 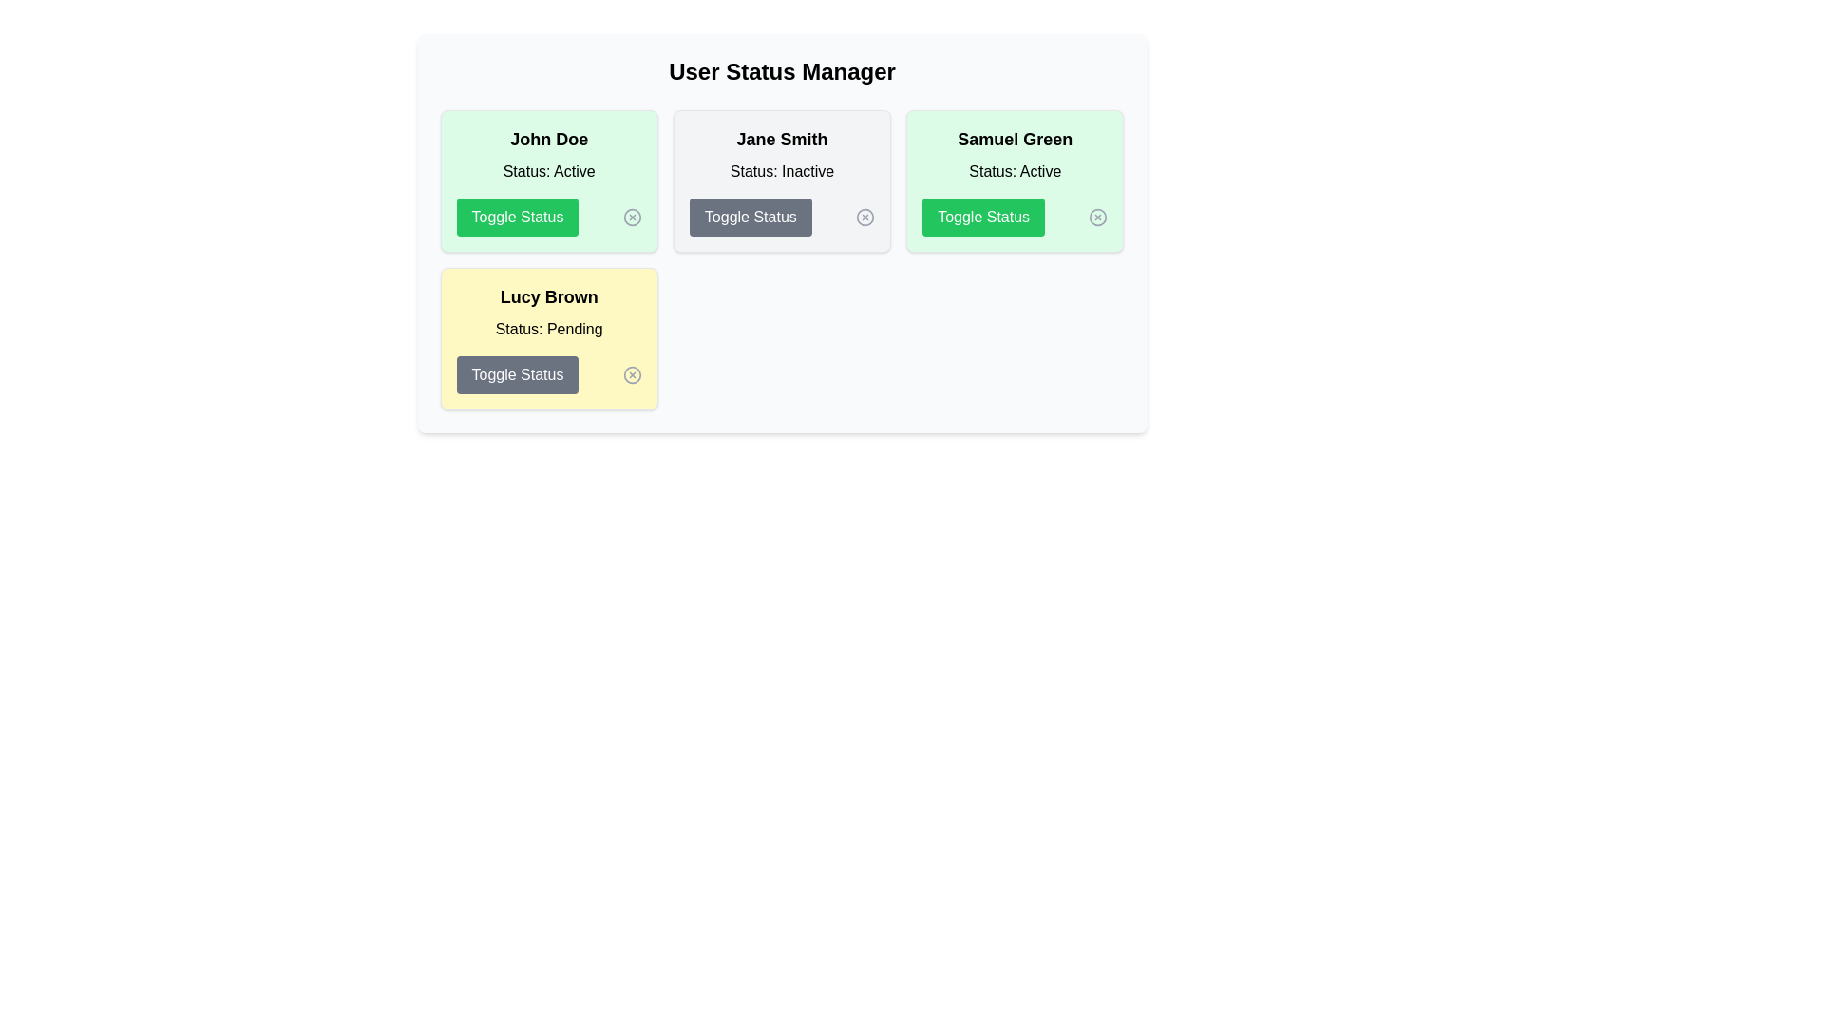 What do you see at coordinates (864, 216) in the screenshot?
I see `the 'XCircle' icon next to the user Jane Smith` at bounding box center [864, 216].